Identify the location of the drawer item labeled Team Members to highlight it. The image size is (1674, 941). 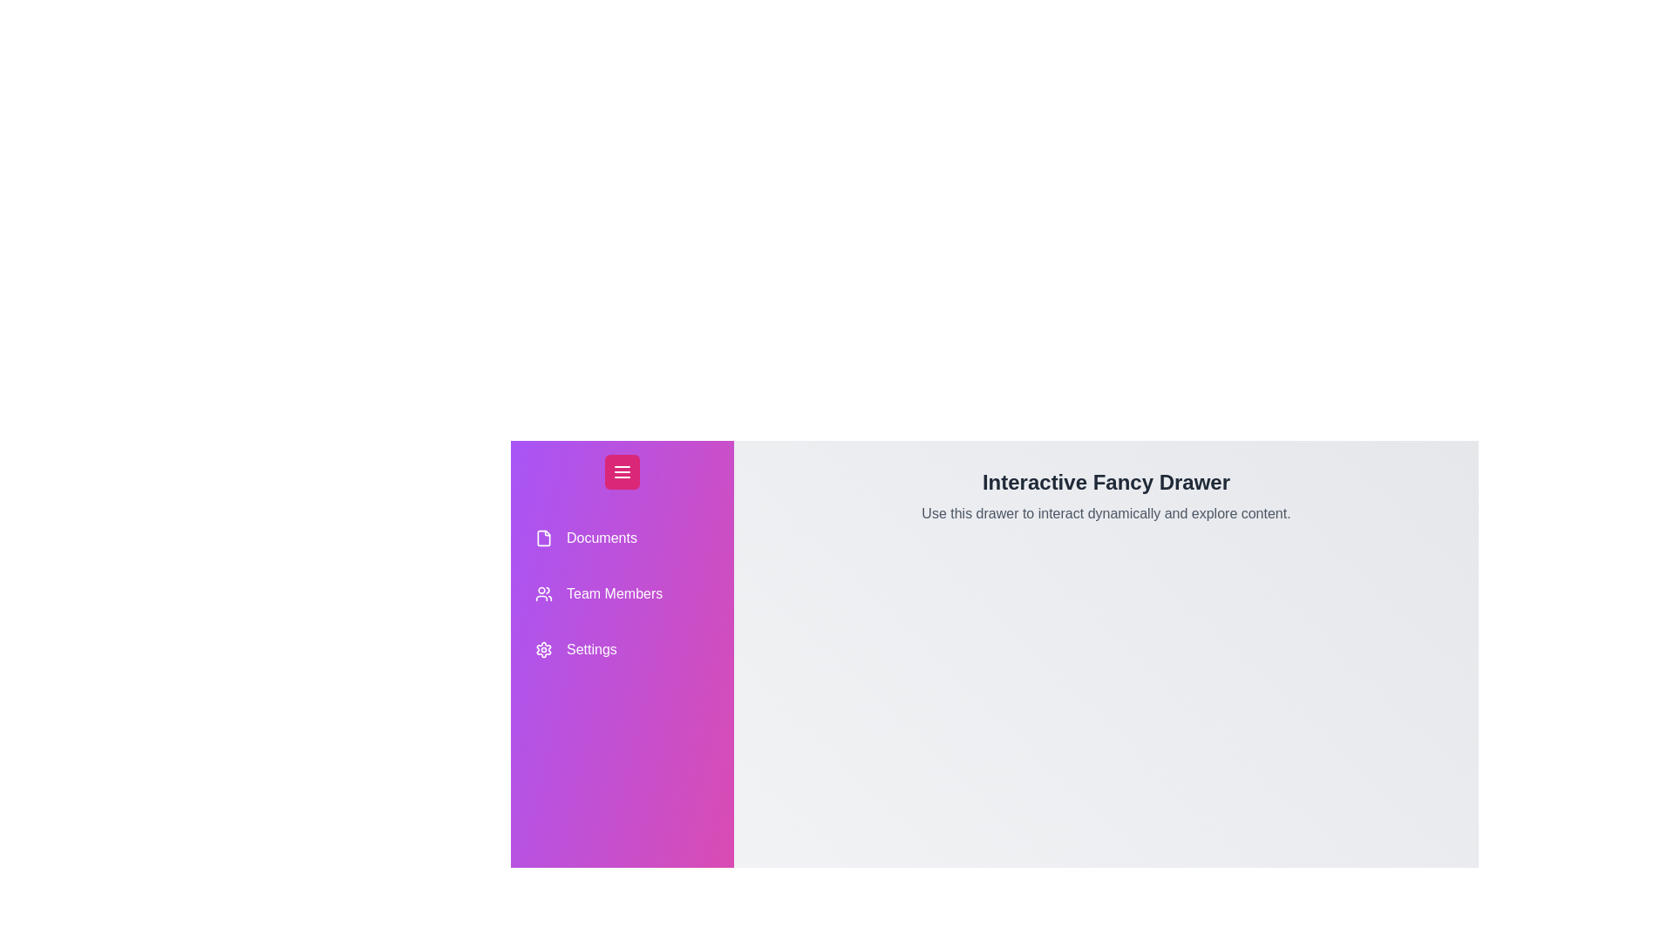
(623, 593).